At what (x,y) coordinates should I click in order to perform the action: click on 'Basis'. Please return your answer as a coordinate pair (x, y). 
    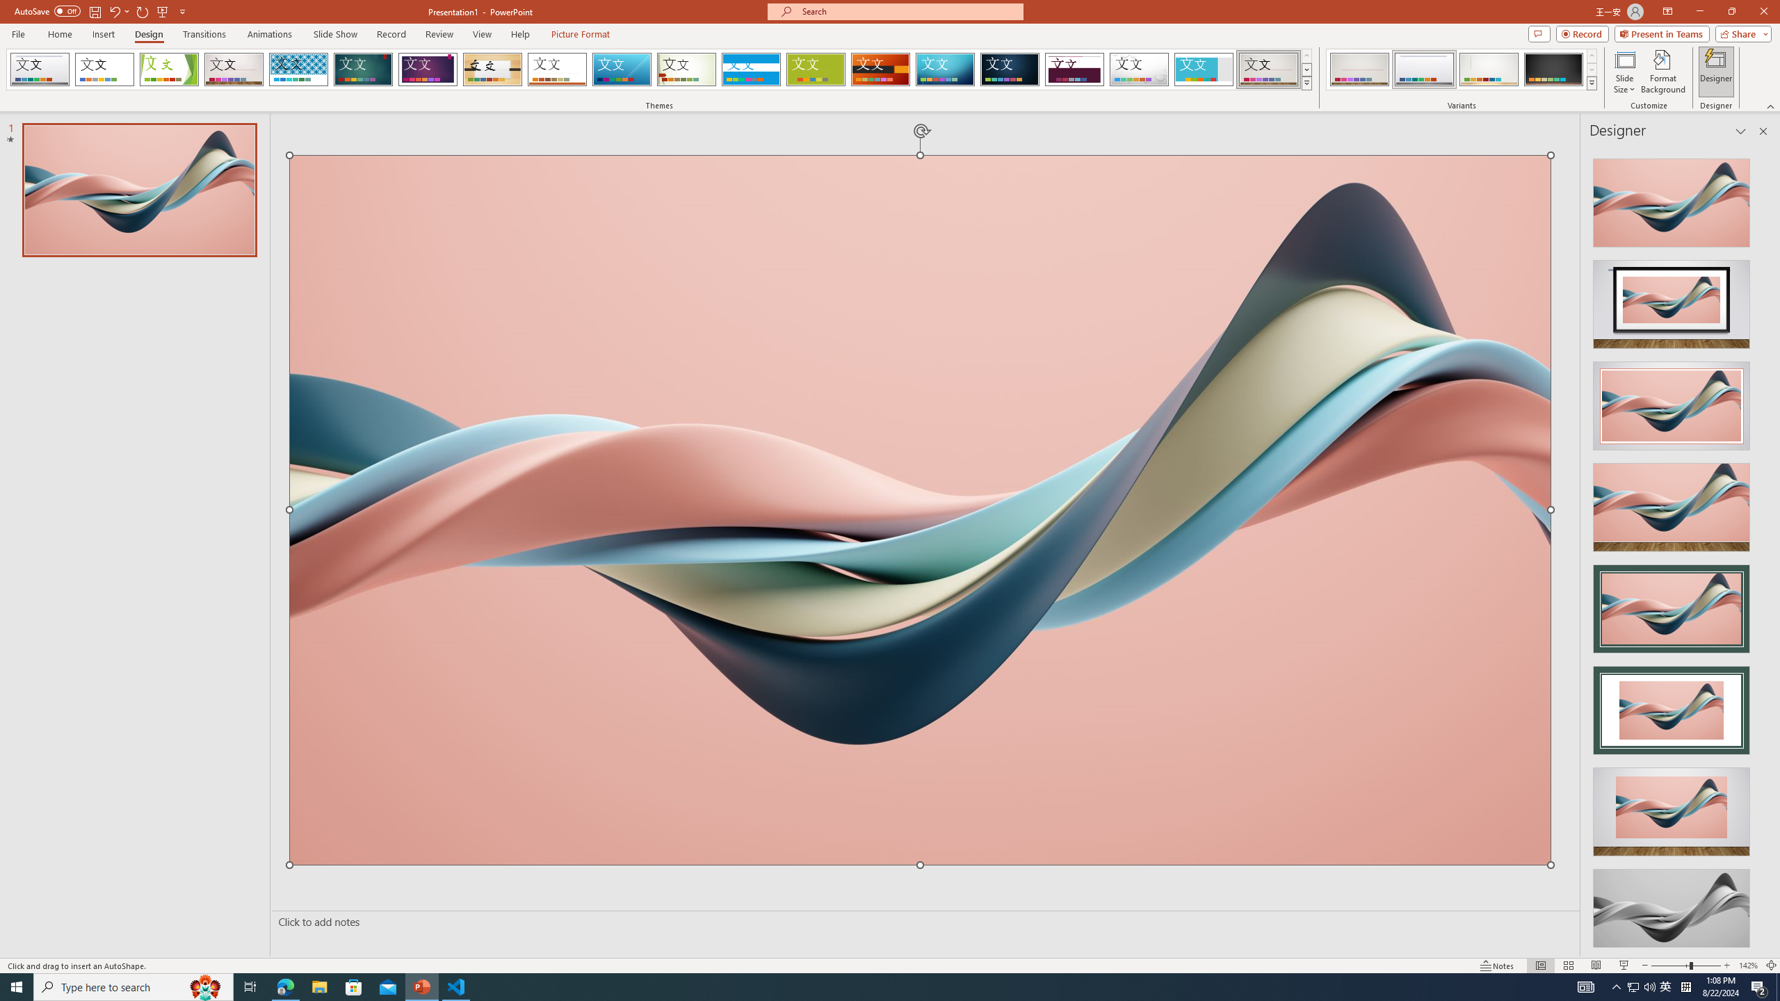
    Looking at the image, I should click on (816, 69).